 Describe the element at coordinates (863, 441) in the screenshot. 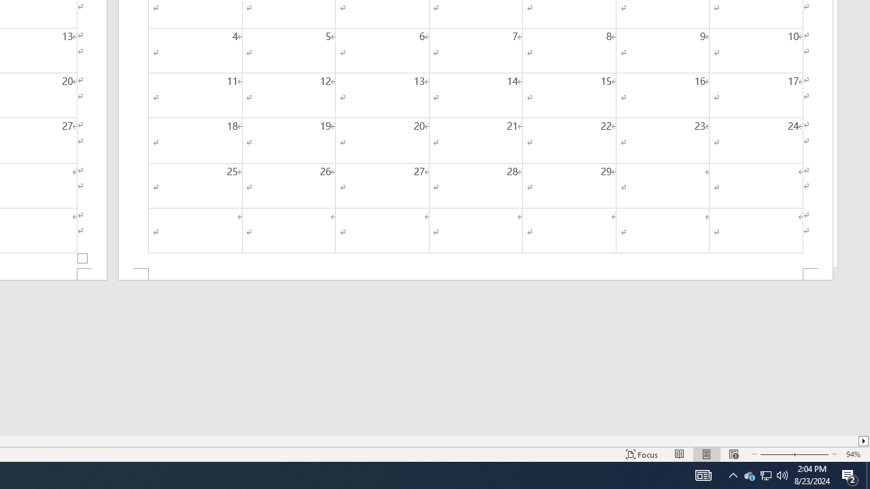

I see `'Column right'` at that location.